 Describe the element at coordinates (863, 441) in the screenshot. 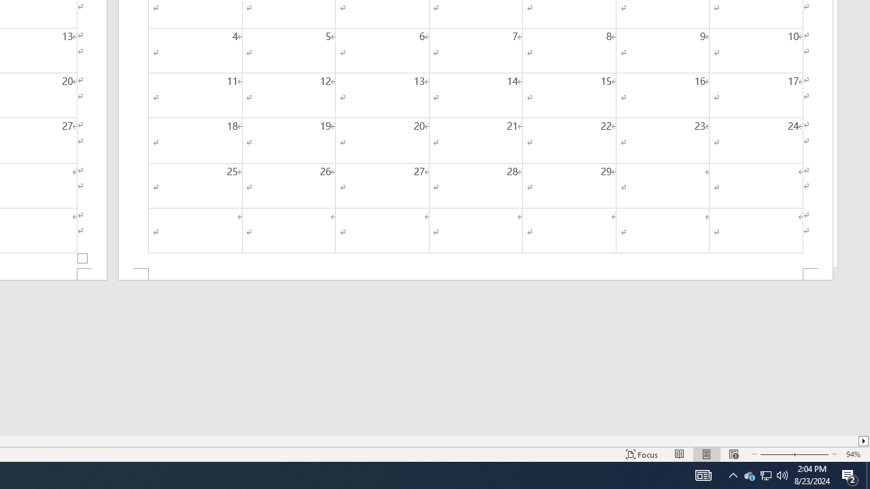

I see `'Column right'` at that location.